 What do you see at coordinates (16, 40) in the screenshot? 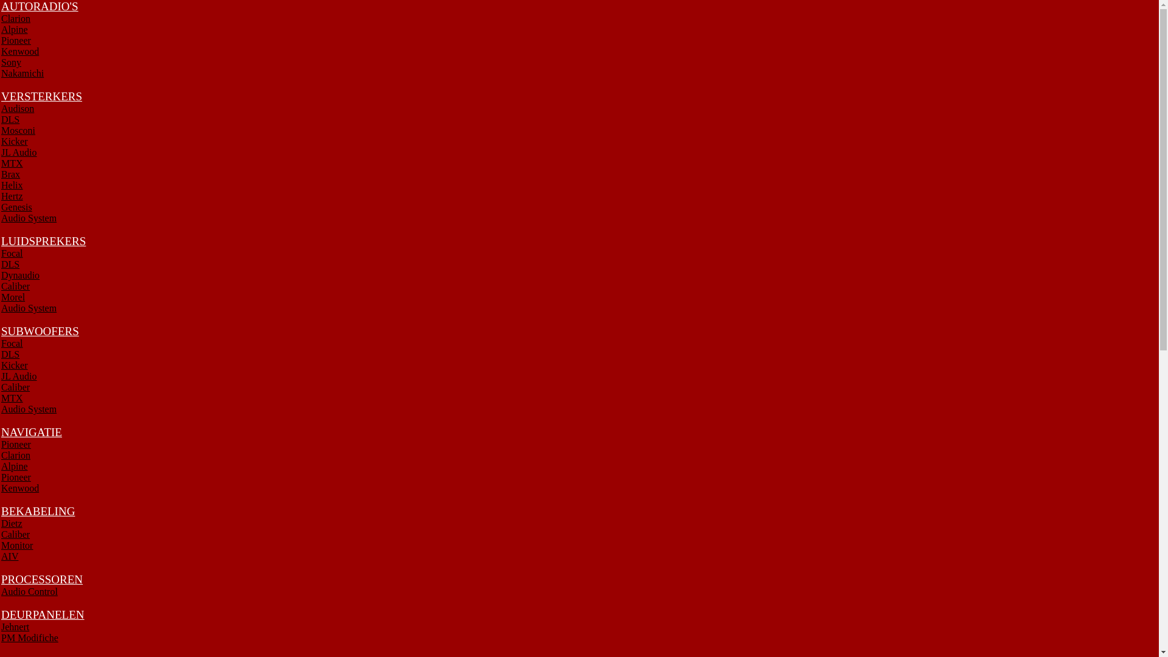
I see `'Pioneer'` at bounding box center [16, 40].